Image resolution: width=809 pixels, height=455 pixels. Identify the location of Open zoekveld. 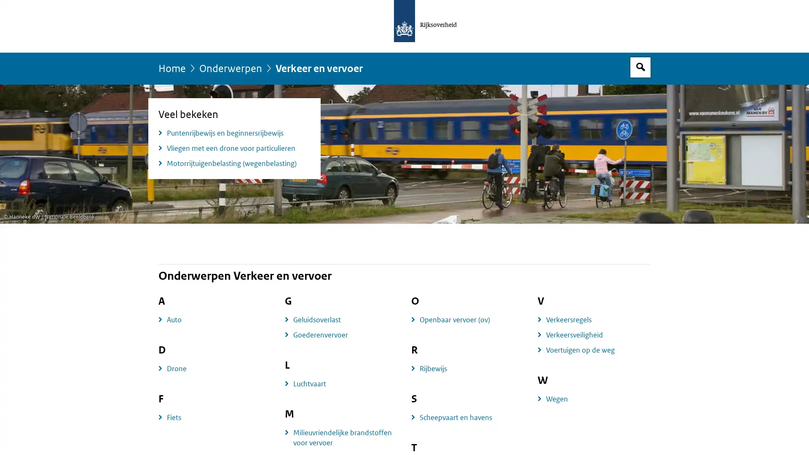
(640, 67).